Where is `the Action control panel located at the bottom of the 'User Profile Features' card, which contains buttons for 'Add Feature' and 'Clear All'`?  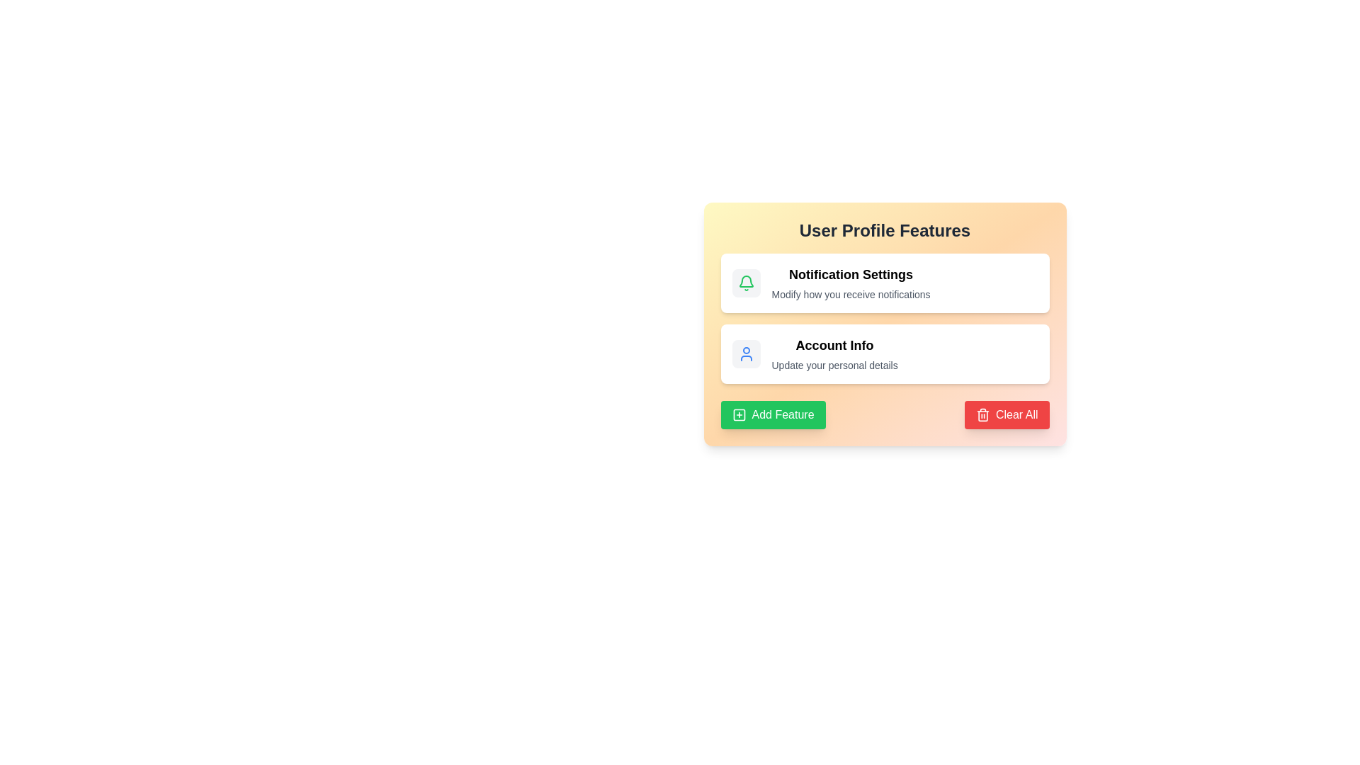 the Action control panel located at the bottom of the 'User Profile Features' card, which contains buttons for 'Add Feature' and 'Clear All' is located at coordinates (884, 414).